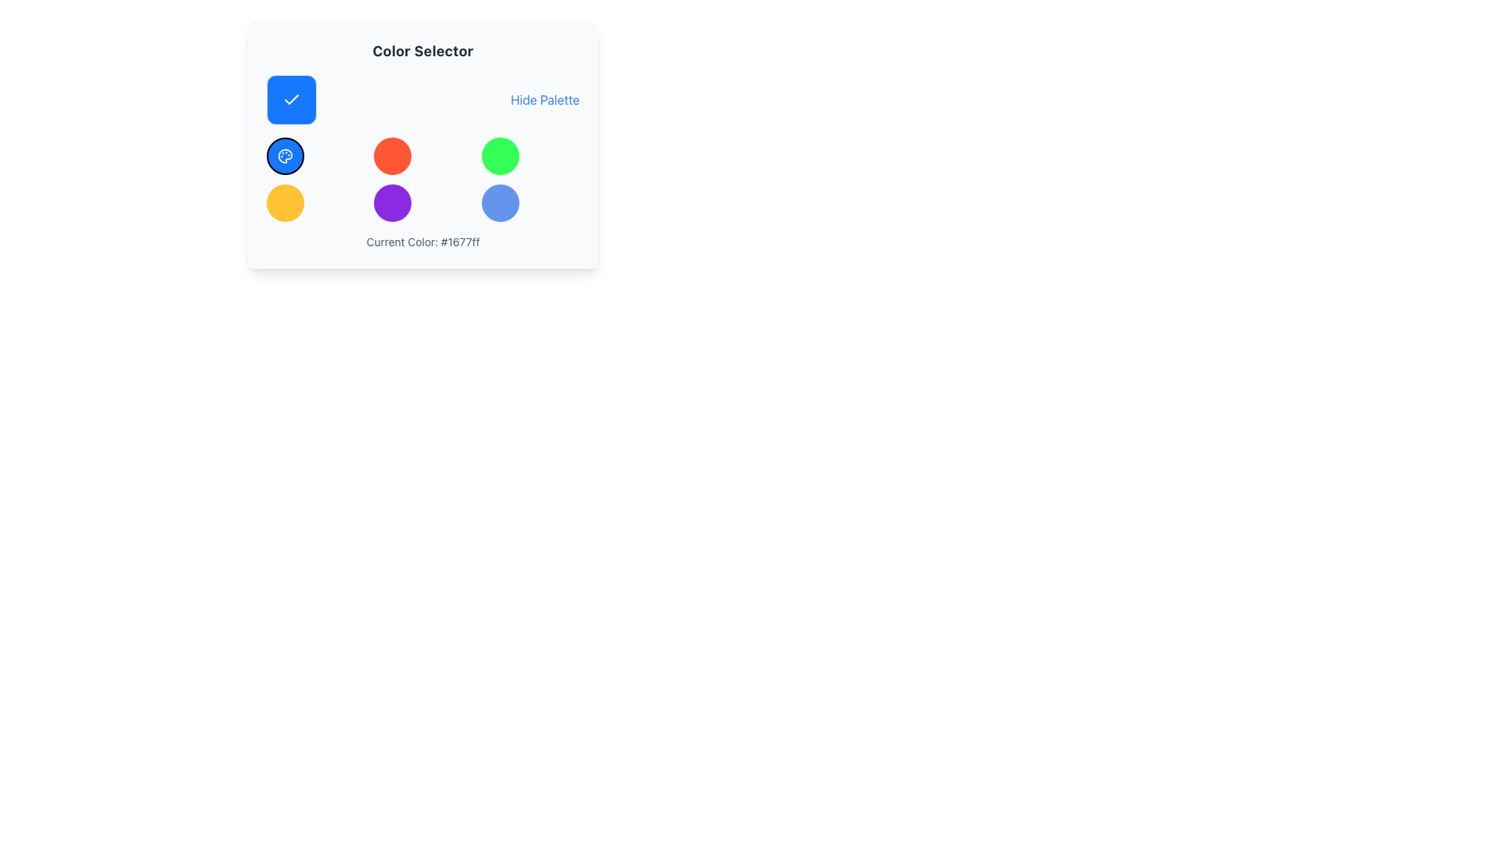 The image size is (1502, 844). Describe the element at coordinates (423, 99) in the screenshot. I see `the 'Hide Palette' button located below the 'Color Selector' title` at that location.